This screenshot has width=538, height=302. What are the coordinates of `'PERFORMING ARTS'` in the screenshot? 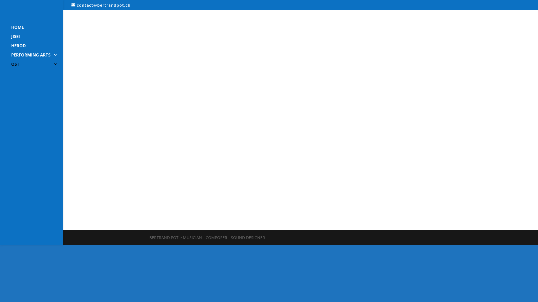 It's located at (37, 57).